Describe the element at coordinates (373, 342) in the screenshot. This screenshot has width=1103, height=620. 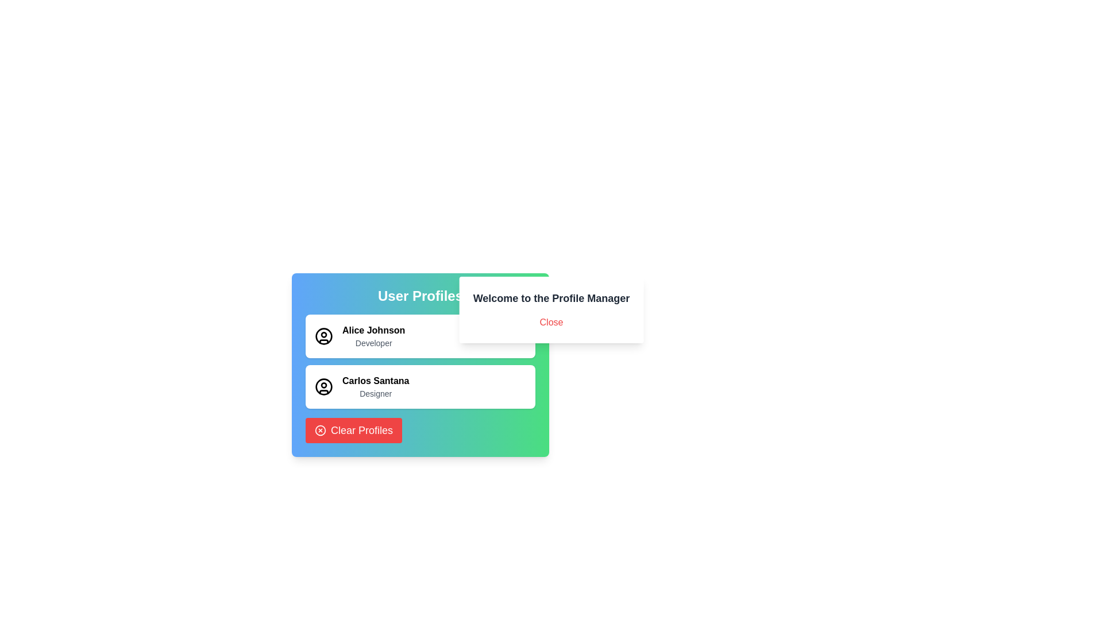
I see `the text label indicating the professional role 'Developer' of the user Alice Johnson, which is located below the label 'Alice Johnson' in the first profile card` at that location.